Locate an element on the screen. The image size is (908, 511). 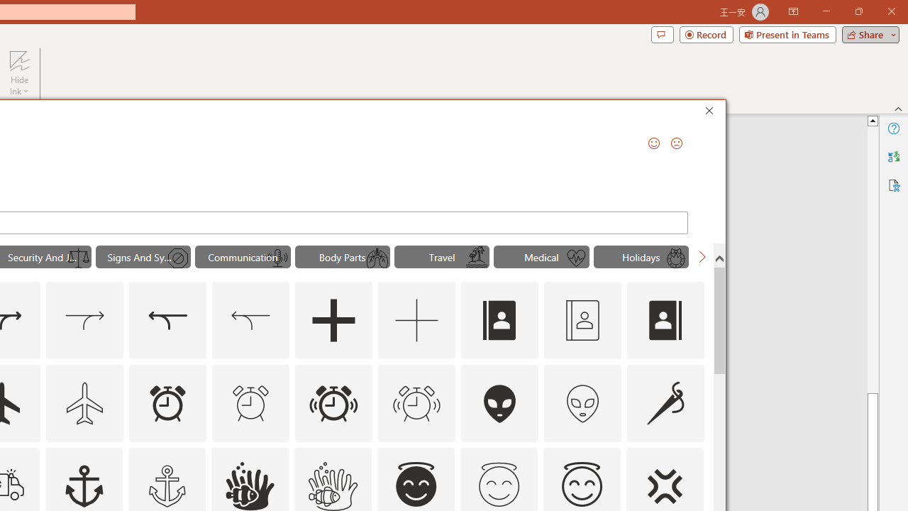
'AutomationID: Icons_StopSign_M' is located at coordinates (177, 258).